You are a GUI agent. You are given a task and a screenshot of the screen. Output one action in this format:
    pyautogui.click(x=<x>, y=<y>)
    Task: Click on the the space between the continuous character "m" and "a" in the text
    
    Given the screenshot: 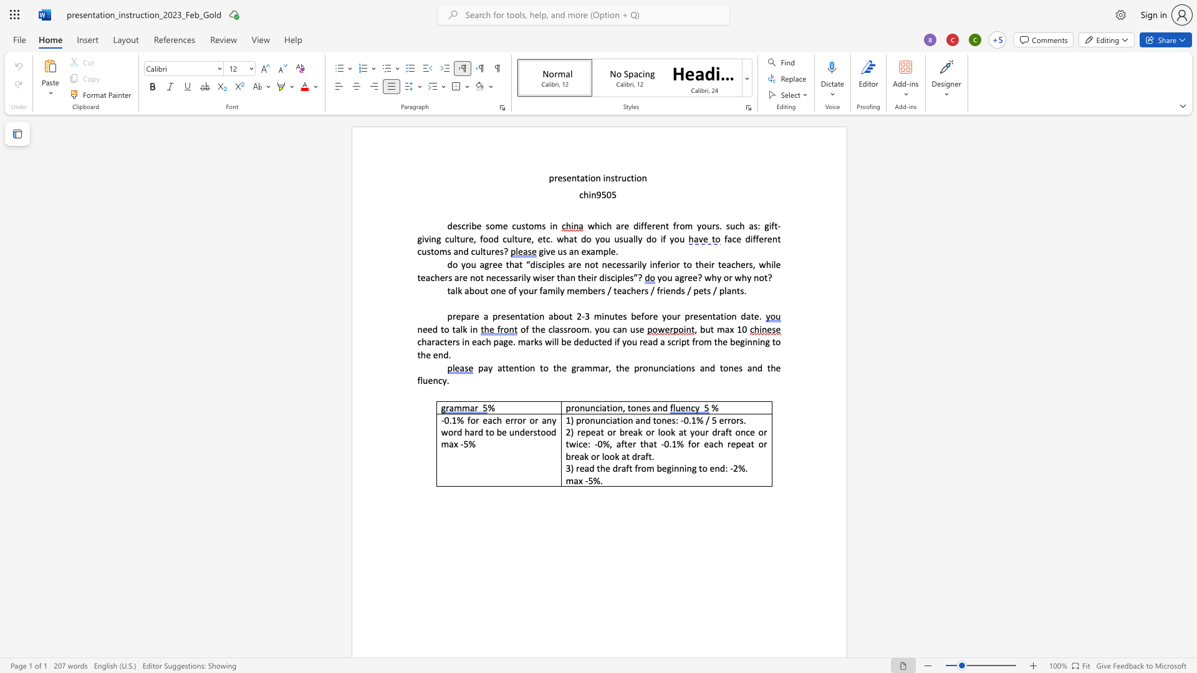 What is the action you would take?
    pyautogui.click(x=724, y=328)
    